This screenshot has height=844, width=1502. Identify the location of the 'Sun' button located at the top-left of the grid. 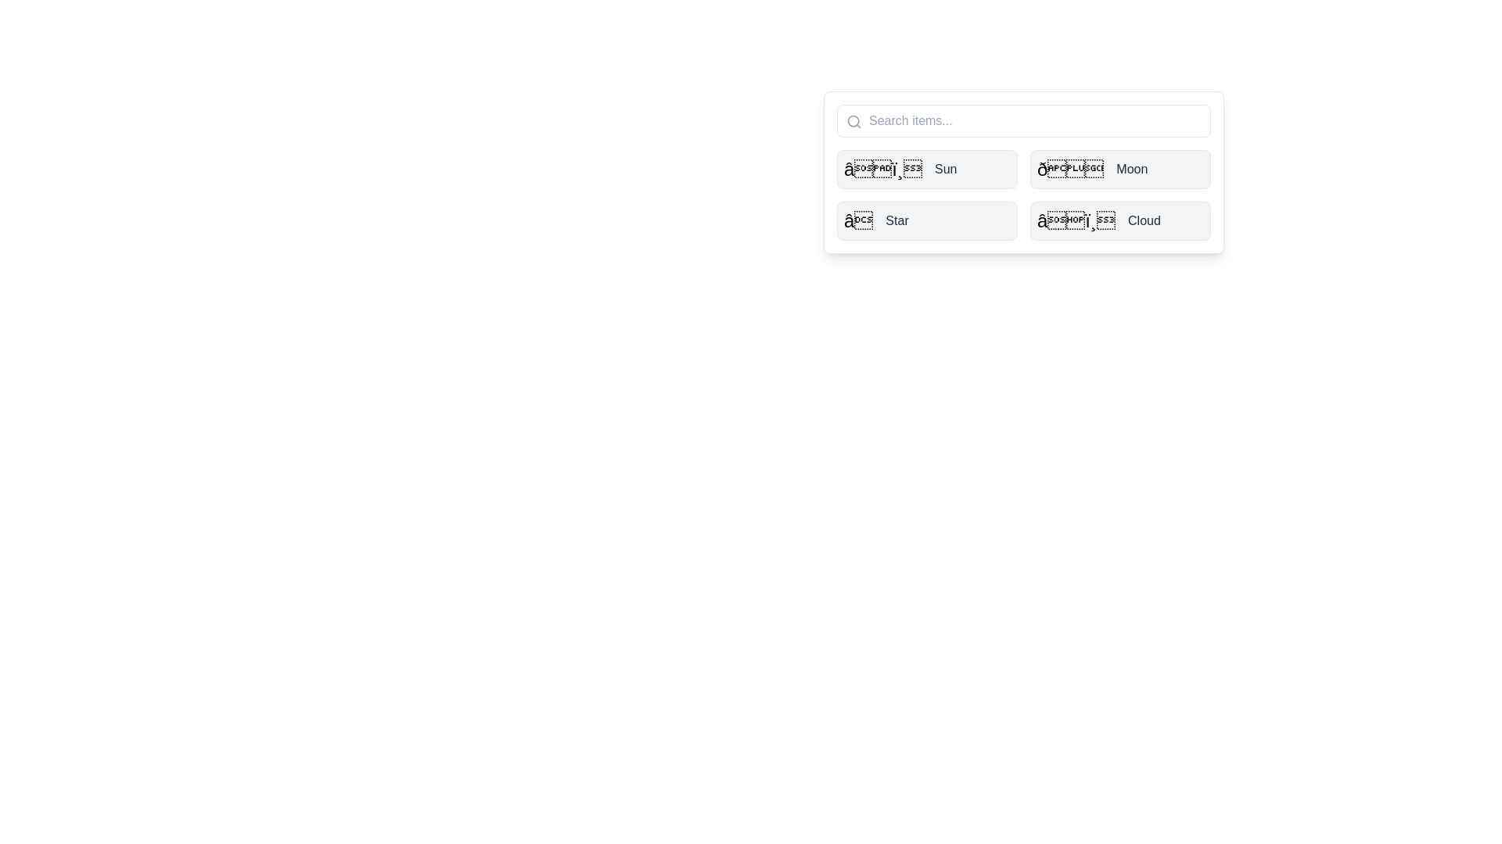
(927, 169).